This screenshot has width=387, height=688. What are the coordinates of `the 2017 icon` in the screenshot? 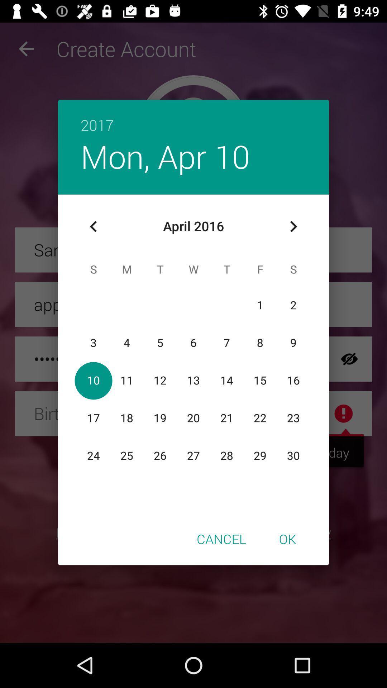 It's located at (193, 118).